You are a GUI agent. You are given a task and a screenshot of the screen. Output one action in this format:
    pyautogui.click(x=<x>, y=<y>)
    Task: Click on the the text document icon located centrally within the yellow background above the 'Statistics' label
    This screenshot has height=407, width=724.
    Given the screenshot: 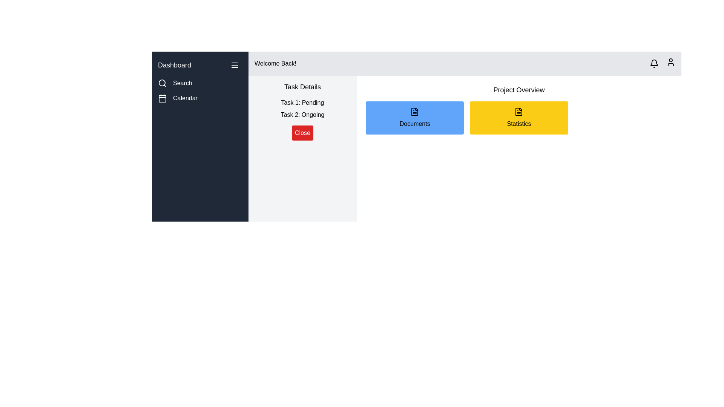 What is the action you would take?
    pyautogui.click(x=518, y=112)
    